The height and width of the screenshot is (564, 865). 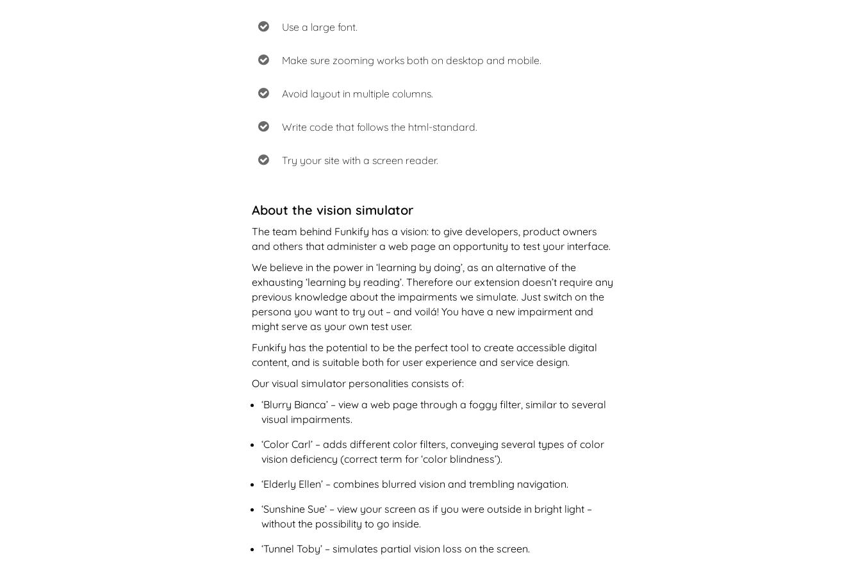 I want to click on 'The team behind Funkify has a vision: to give developers, product owners and others that administer a web page an opportunity to test your interface.', so click(x=431, y=237).